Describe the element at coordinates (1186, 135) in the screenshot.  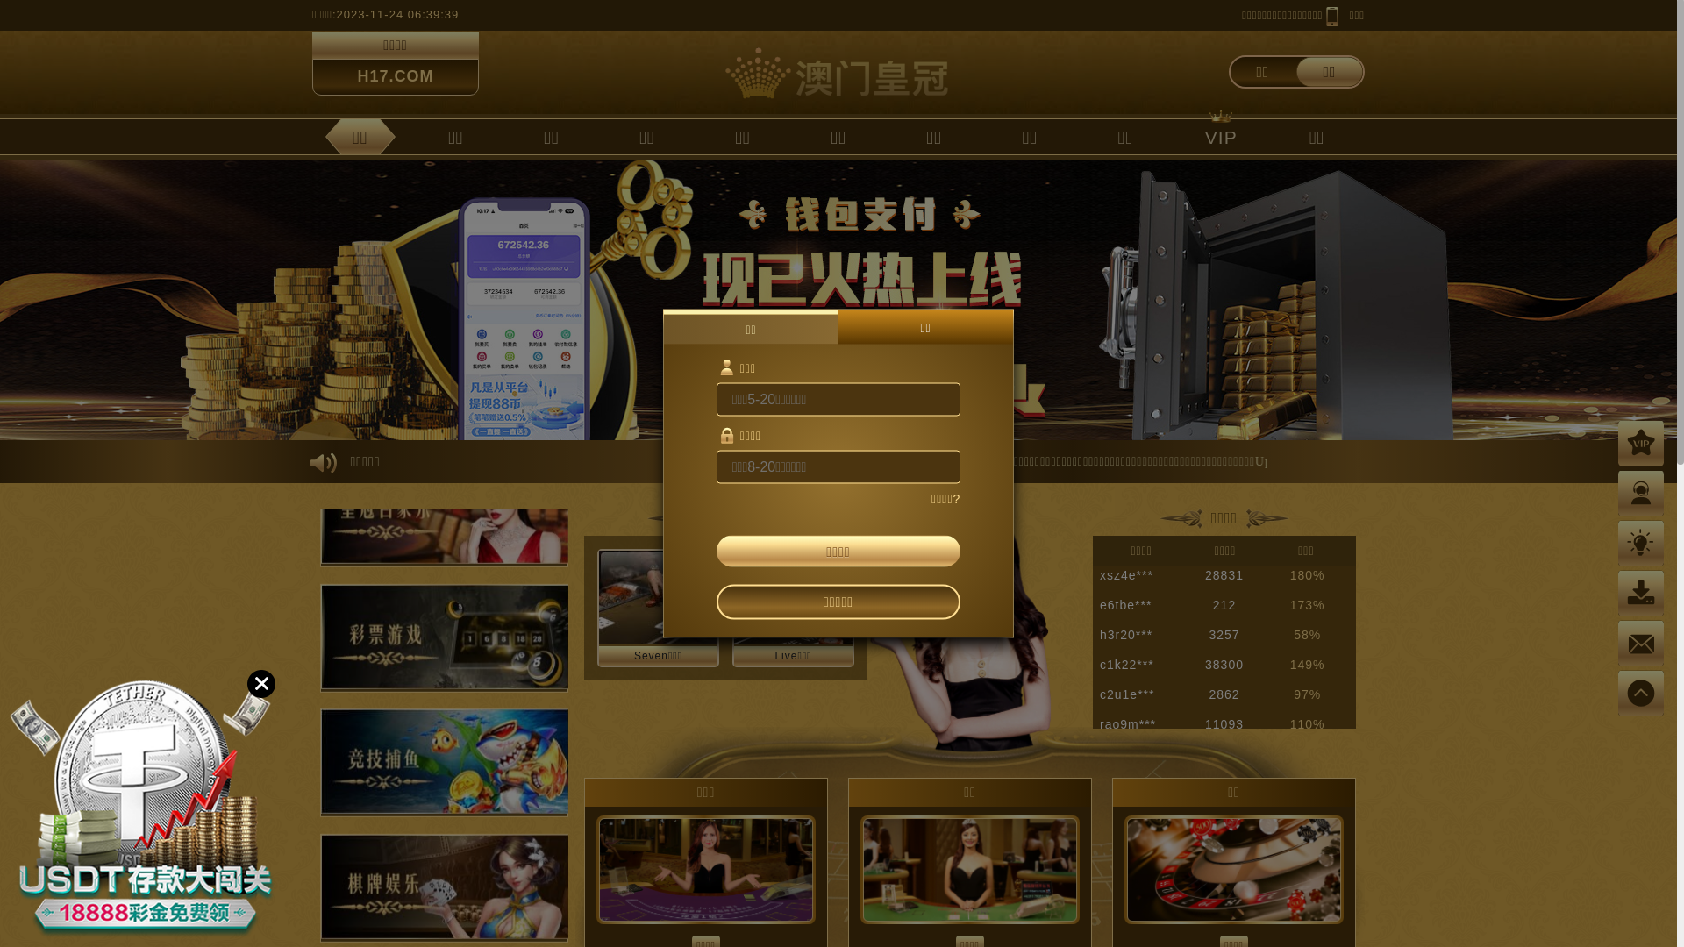
I see `'VIP'` at that location.